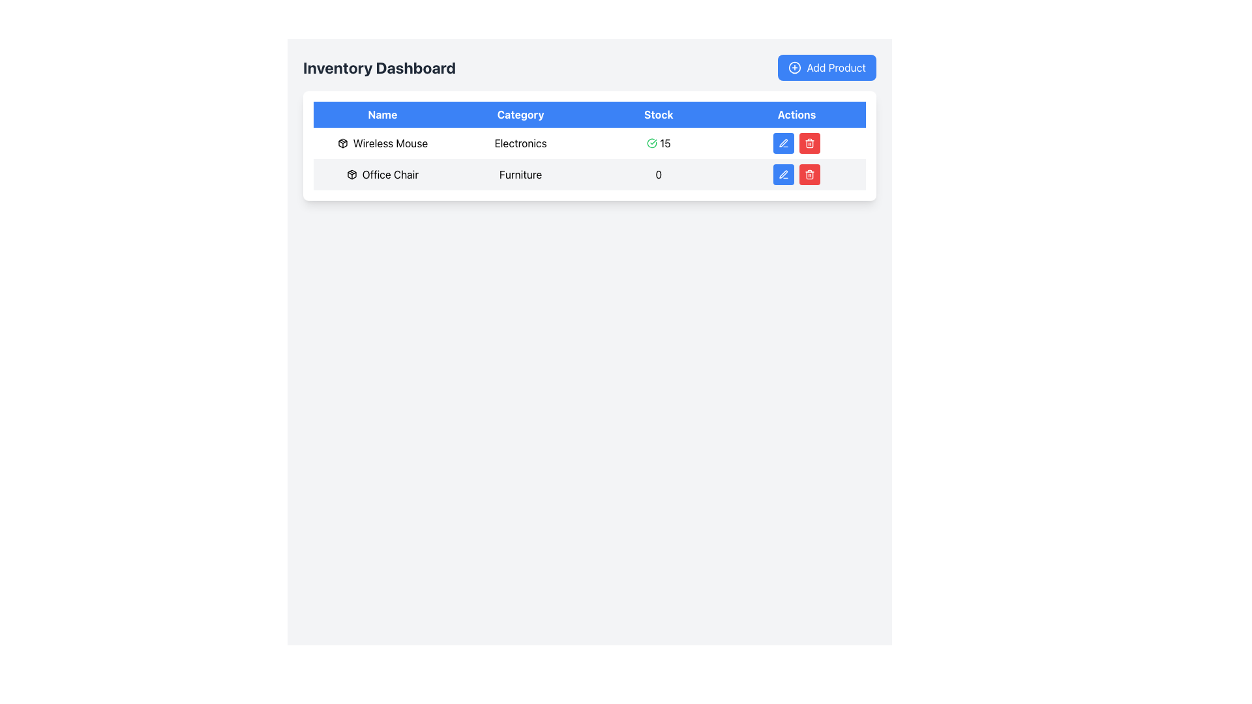 The image size is (1252, 704). What do you see at coordinates (783, 143) in the screenshot?
I see `the edit button located in the 'Actions' column of the first row of the table to observe the hover effect` at bounding box center [783, 143].